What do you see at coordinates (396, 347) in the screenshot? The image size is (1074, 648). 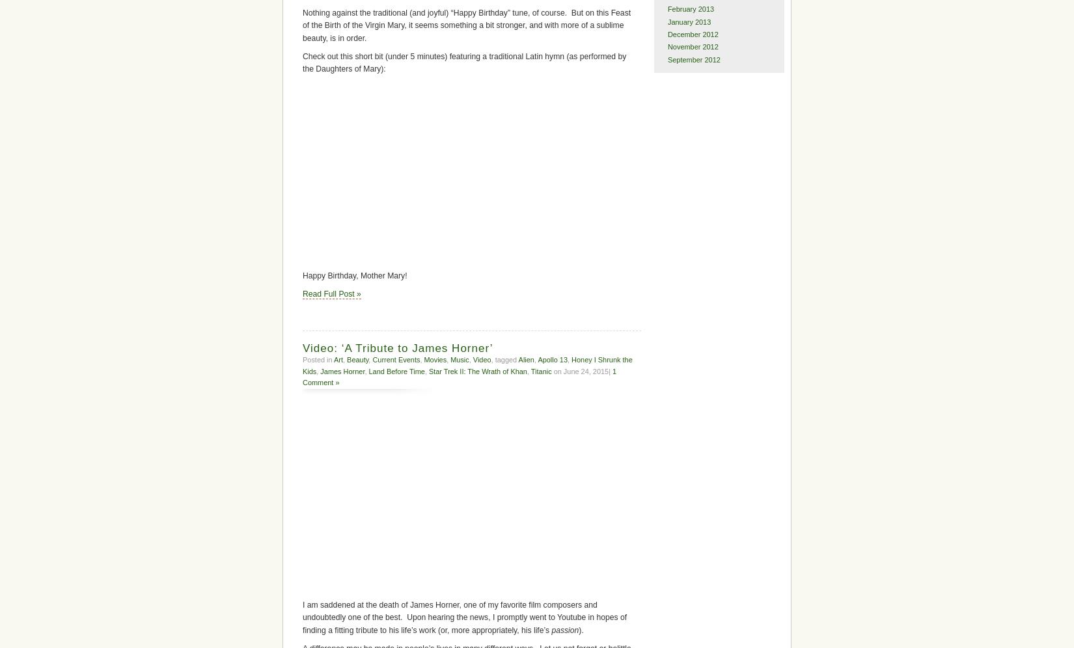 I see `'Video: ‘A Tribute to James Horner’'` at bounding box center [396, 347].